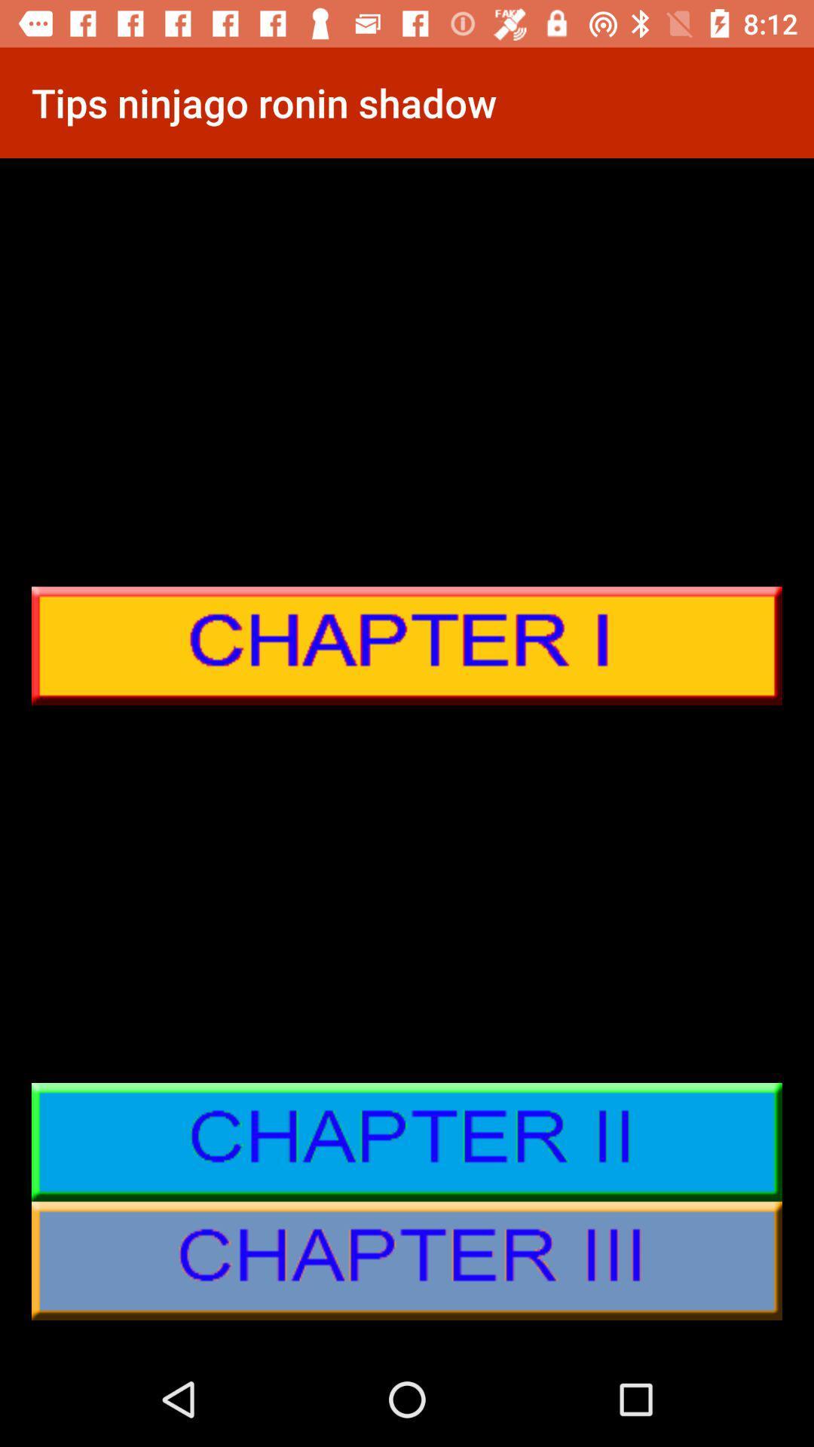 This screenshot has height=1447, width=814. What do you see at coordinates (407, 1261) in the screenshot?
I see `chapter 3` at bounding box center [407, 1261].